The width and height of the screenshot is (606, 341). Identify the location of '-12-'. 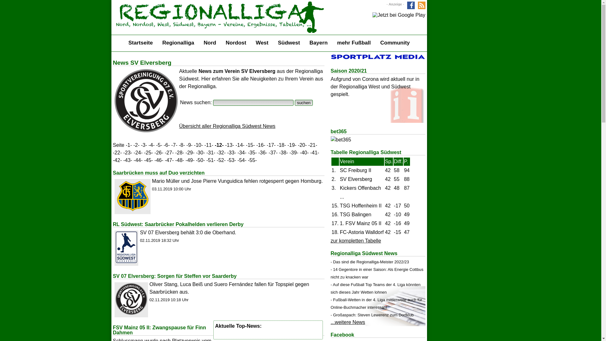
(219, 145).